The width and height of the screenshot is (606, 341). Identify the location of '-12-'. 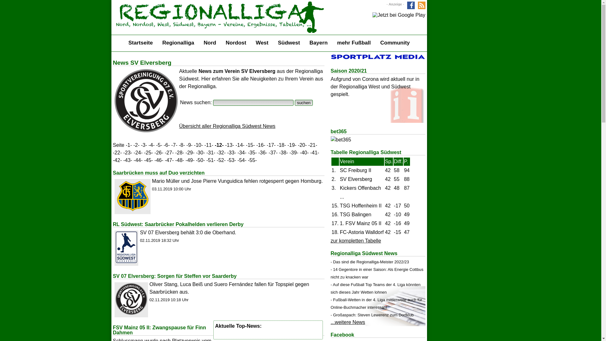
(219, 145).